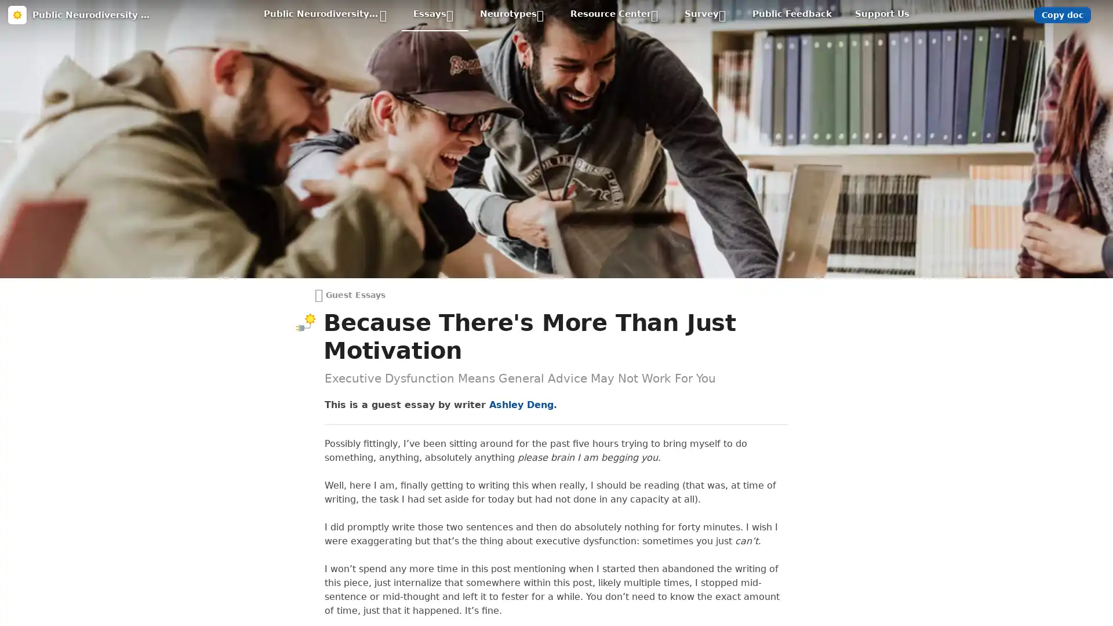  Describe the element at coordinates (610, 144) in the screenshot. I see `Talk to a human` at that location.